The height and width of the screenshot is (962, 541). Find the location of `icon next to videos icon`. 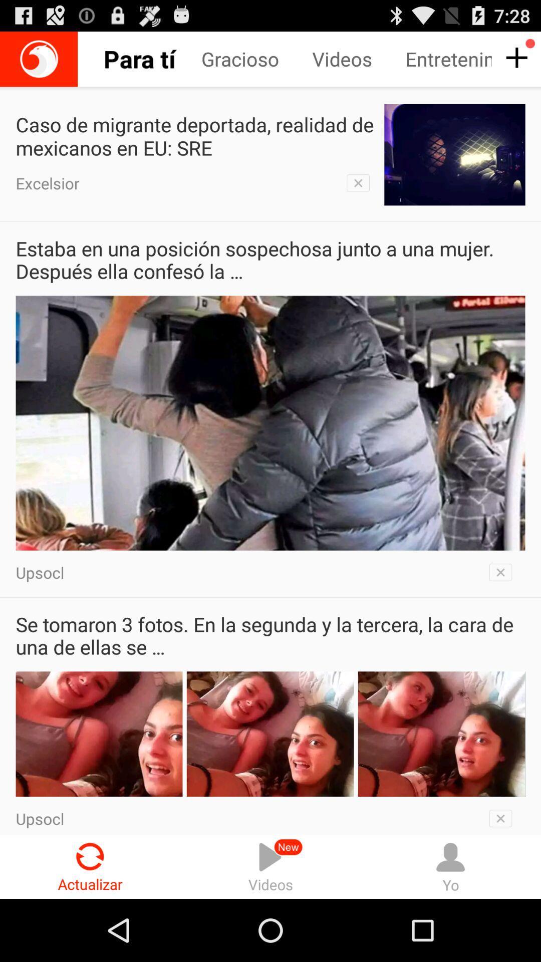

icon next to videos icon is located at coordinates (450, 867).